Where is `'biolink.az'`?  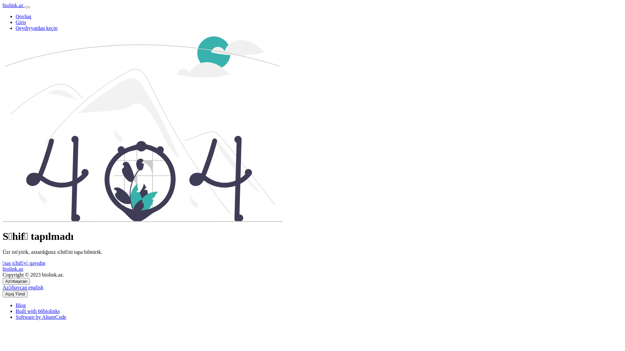
'biolink.az' is located at coordinates (13, 269).